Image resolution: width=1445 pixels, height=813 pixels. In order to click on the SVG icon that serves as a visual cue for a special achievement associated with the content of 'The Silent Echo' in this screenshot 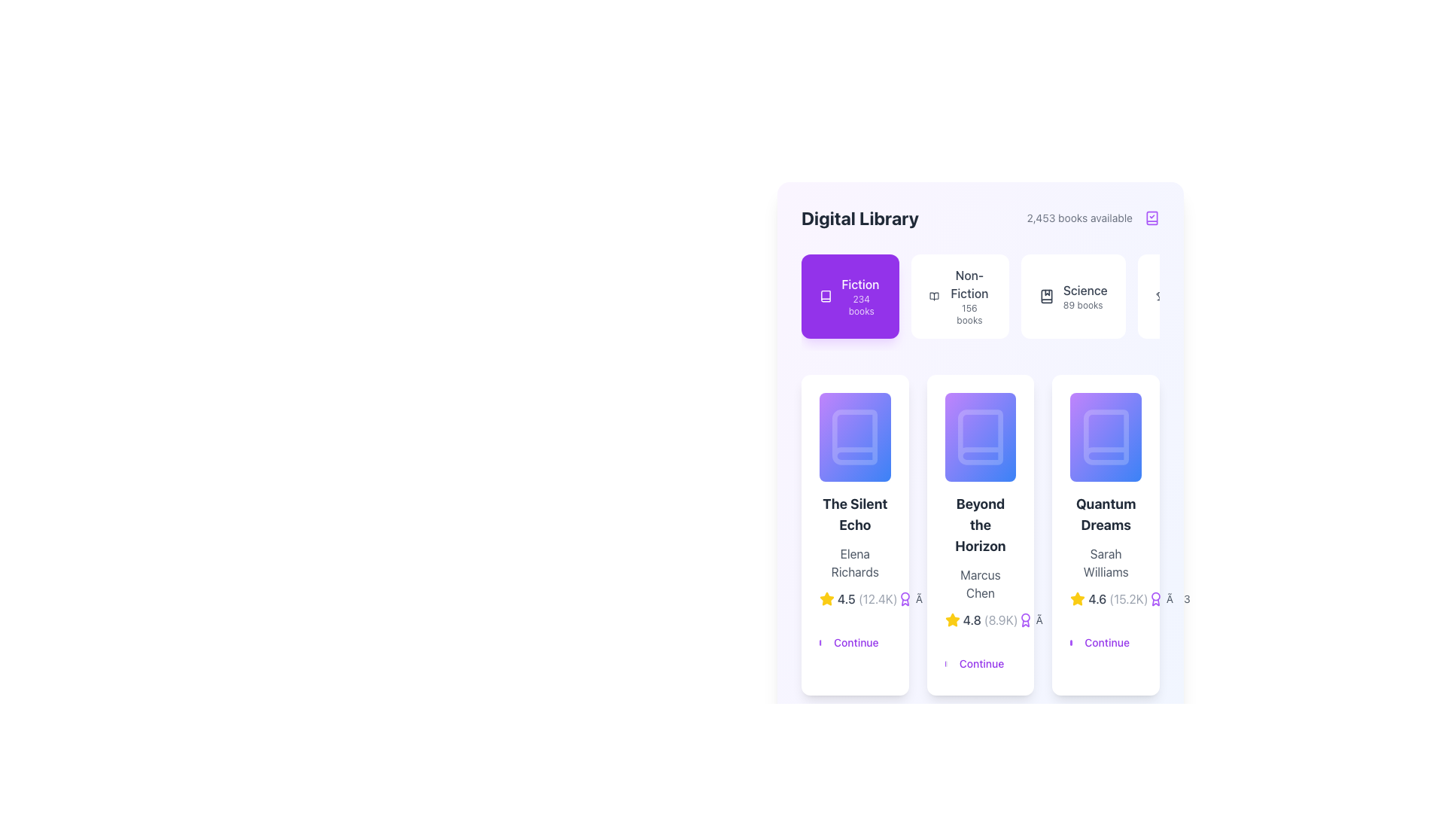, I will do `click(904, 598)`.